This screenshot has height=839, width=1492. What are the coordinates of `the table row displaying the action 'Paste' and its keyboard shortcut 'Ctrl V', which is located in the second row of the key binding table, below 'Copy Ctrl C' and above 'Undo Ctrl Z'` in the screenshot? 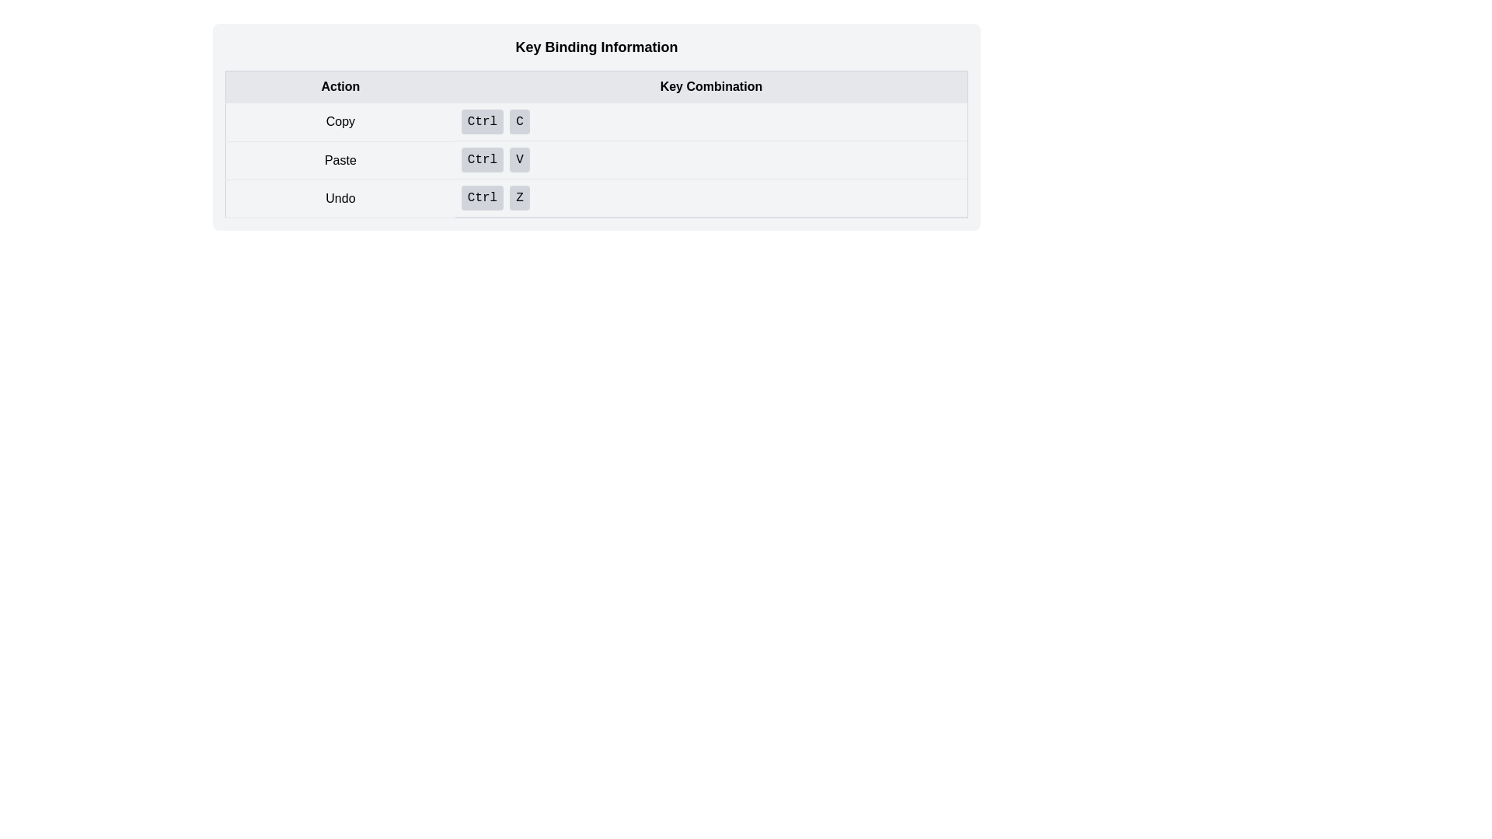 It's located at (596, 160).